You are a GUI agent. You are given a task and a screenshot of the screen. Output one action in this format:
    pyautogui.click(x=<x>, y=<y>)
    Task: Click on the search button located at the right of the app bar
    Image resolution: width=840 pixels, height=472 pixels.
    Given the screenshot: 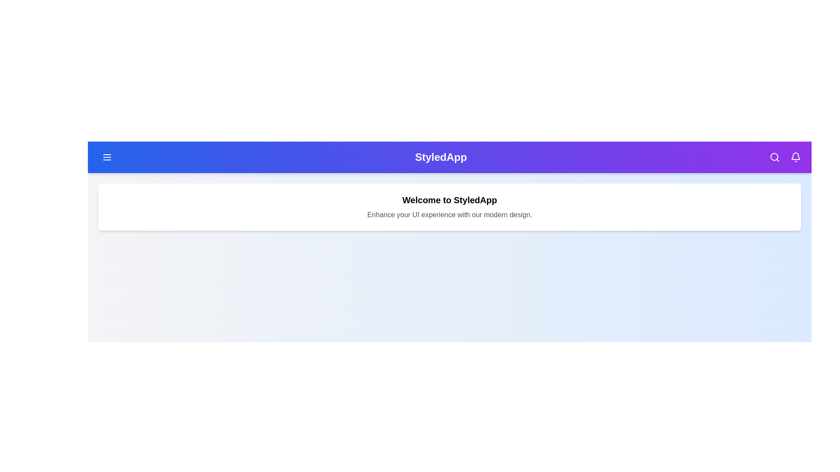 What is the action you would take?
    pyautogui.click(x=775, y=156)
    